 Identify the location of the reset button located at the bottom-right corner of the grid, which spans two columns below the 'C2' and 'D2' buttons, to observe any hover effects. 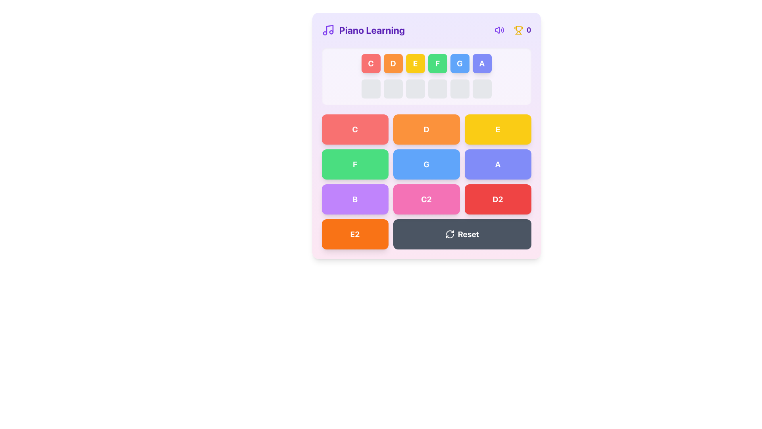
(462, 234).